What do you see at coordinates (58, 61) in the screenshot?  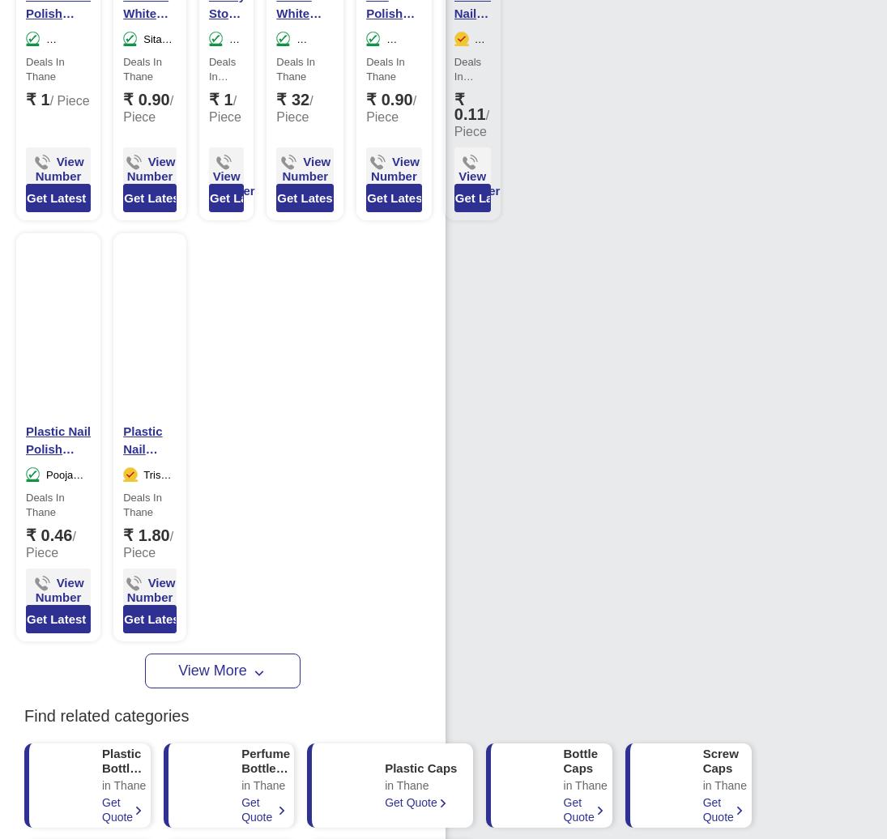 I see `'Siddhivinayak Plast'` at bounding box center [58, 61].